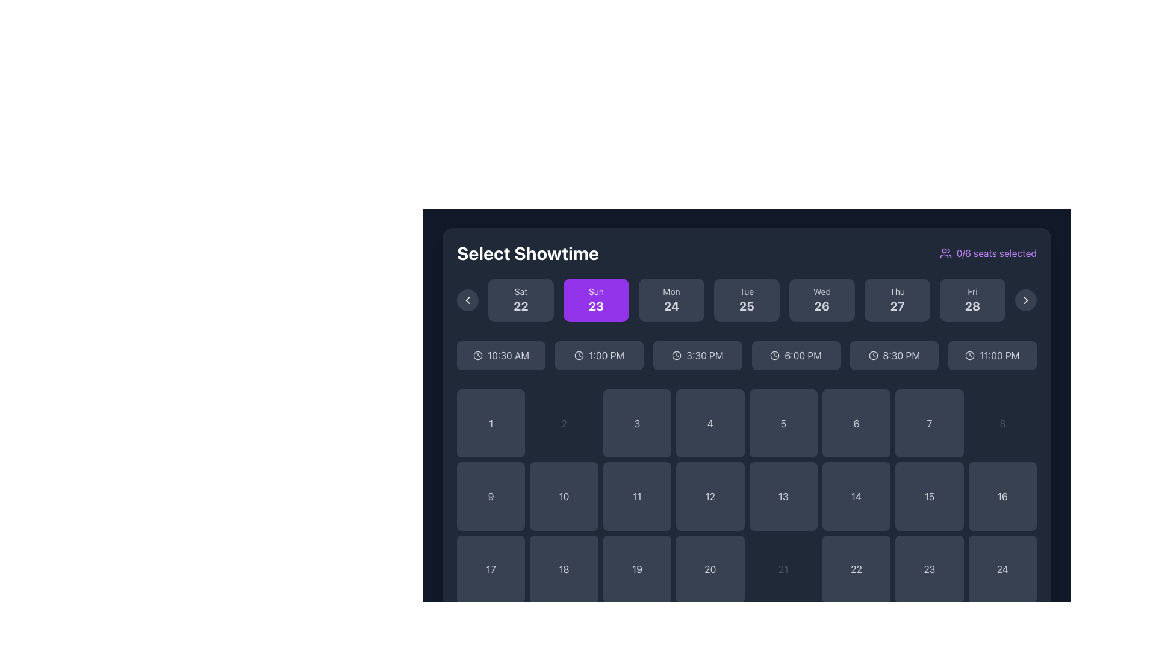  What do you see at coordinates (508, 354) in the screenshot?
I see `the '10:30 AM' button, which is a dark rectangular button with rounded corners` at bounding box center [508, 354].